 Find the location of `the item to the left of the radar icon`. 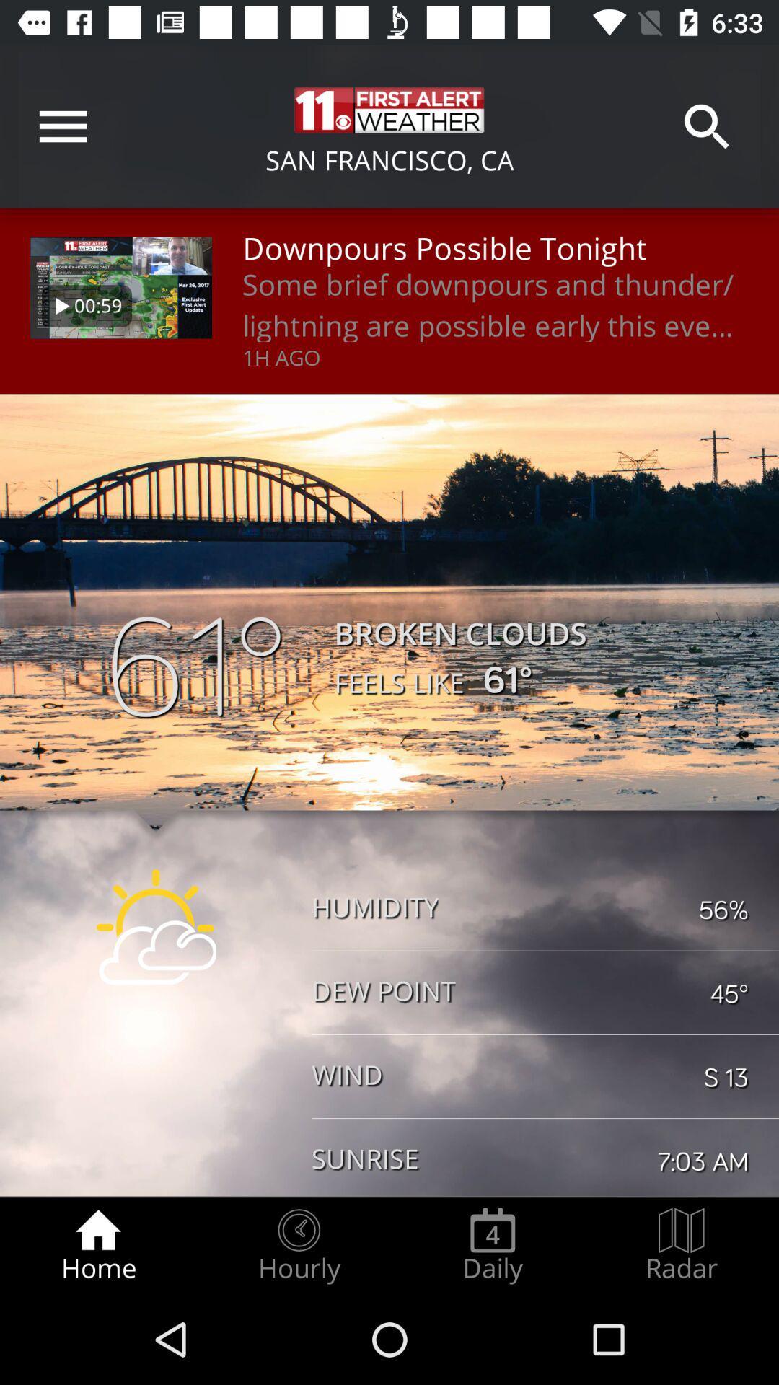

the item to the left of the radar icon is located at coordinates (492, 1245).